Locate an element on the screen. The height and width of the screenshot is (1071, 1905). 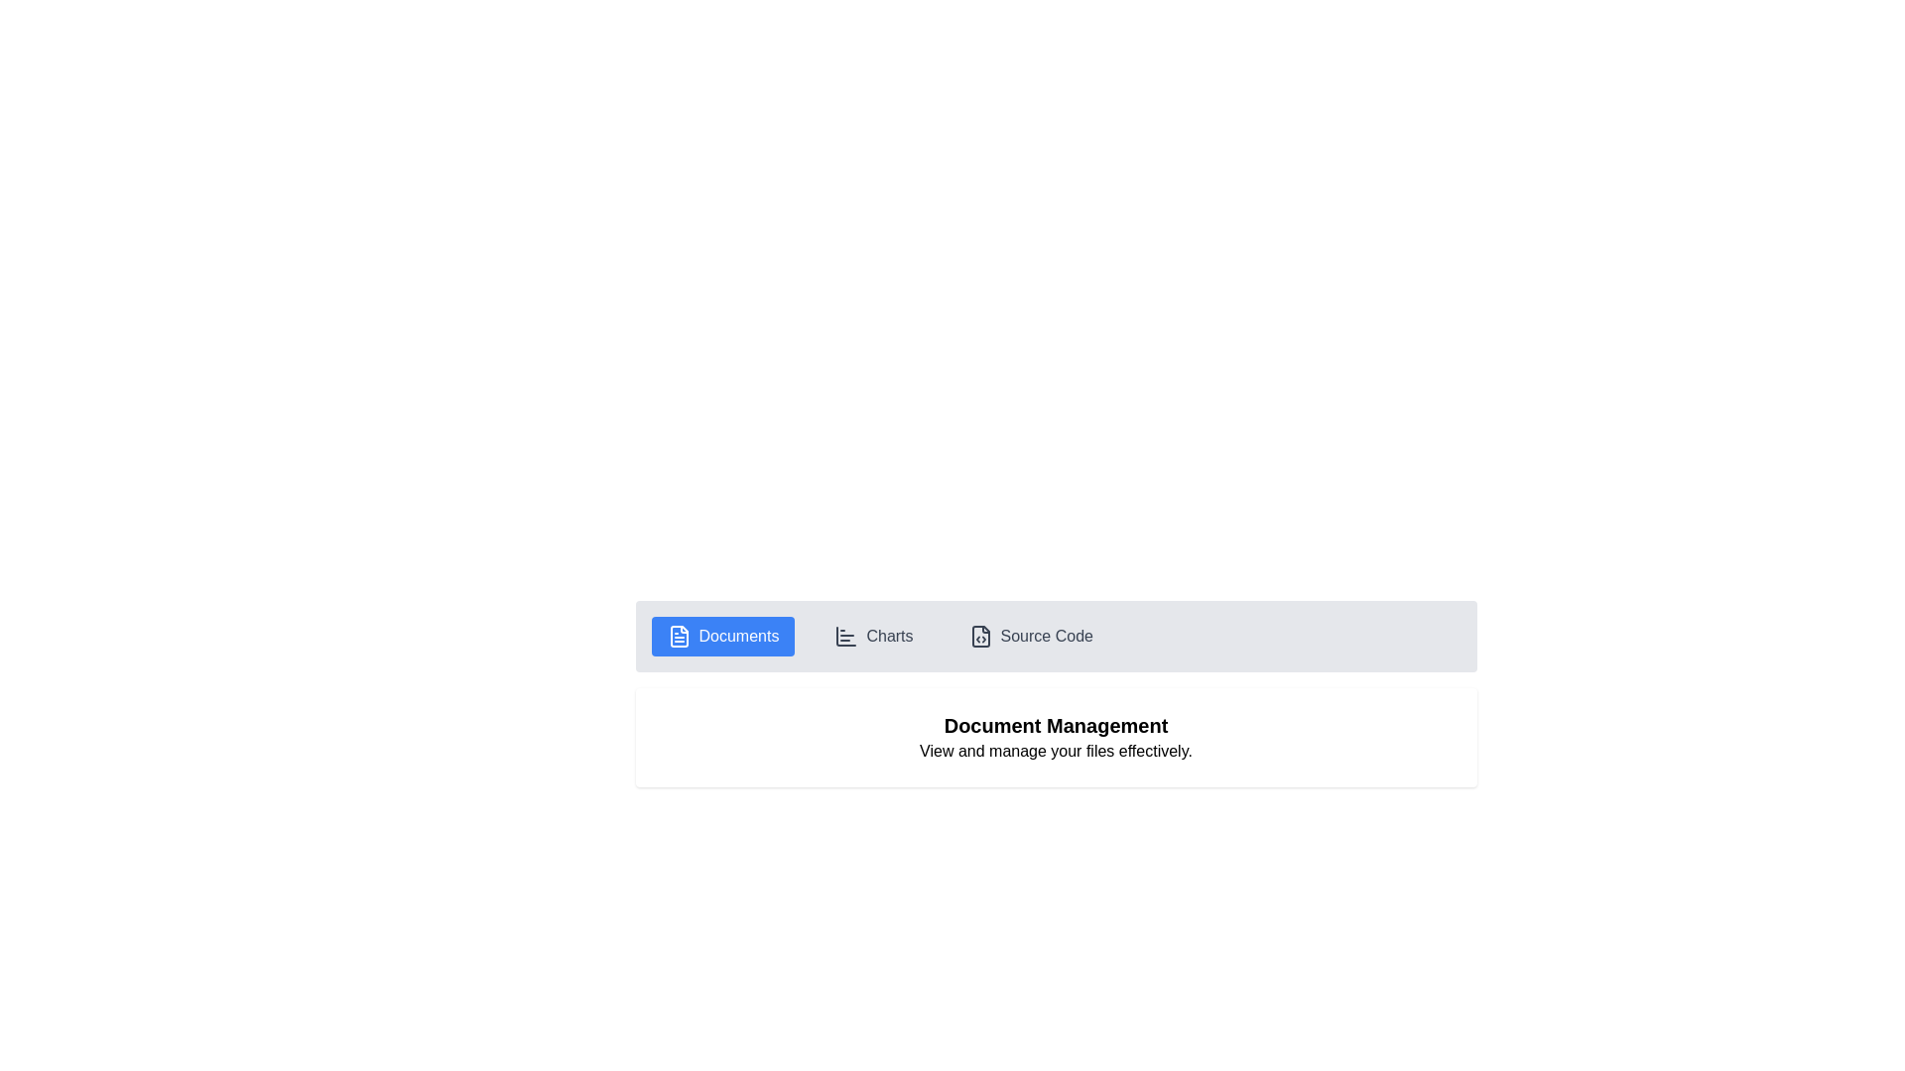
the bold, large-sized static text label 'Document Management' that is centrally aligned above the smaller text 'View and manage your files effectively' is located at coordinates (1055, 726).